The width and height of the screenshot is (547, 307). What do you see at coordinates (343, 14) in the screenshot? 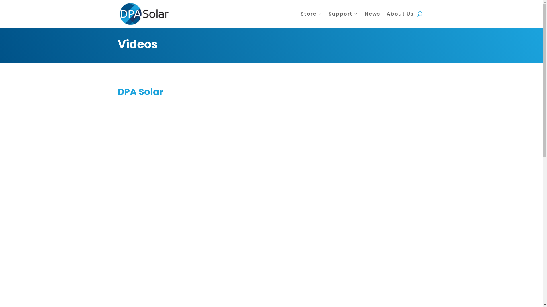
I see `'Support'` at bounding box center [343, 14].